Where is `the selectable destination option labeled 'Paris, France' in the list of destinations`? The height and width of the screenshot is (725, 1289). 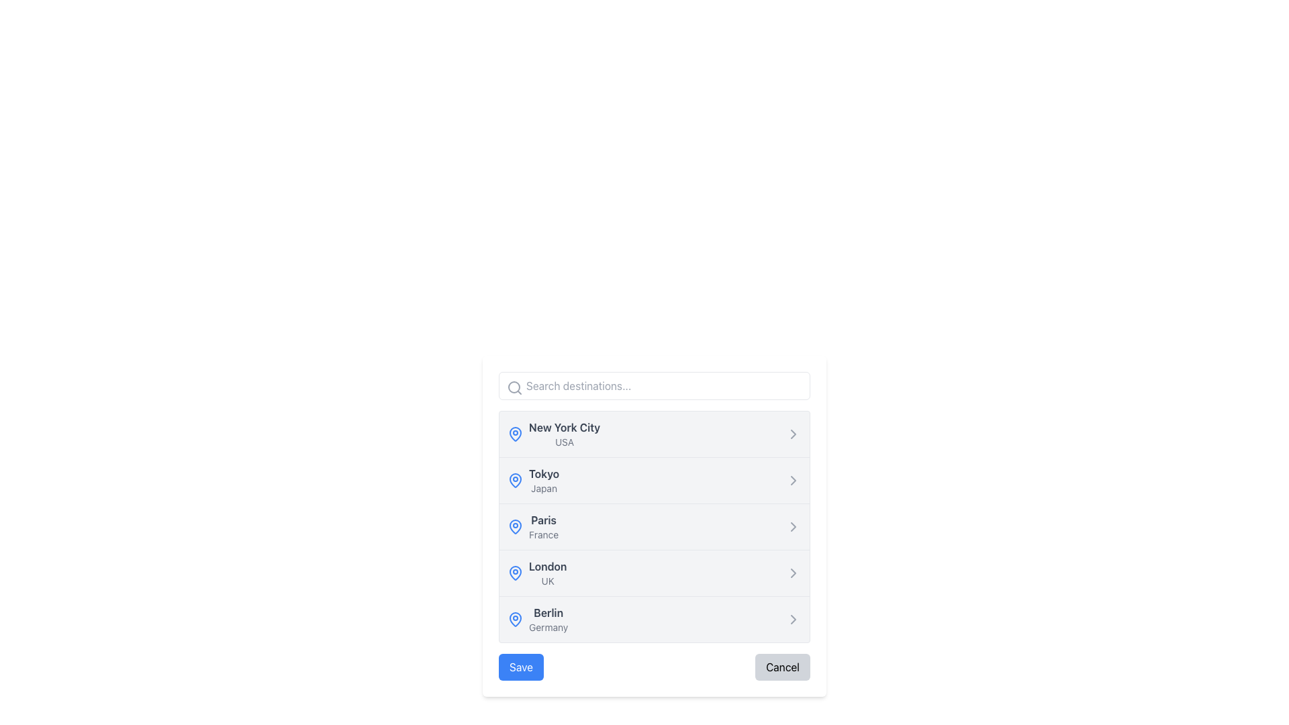 the selectable destination option labeled 'Paris, France' in the list of destinations is located at coordinates (532, 526).